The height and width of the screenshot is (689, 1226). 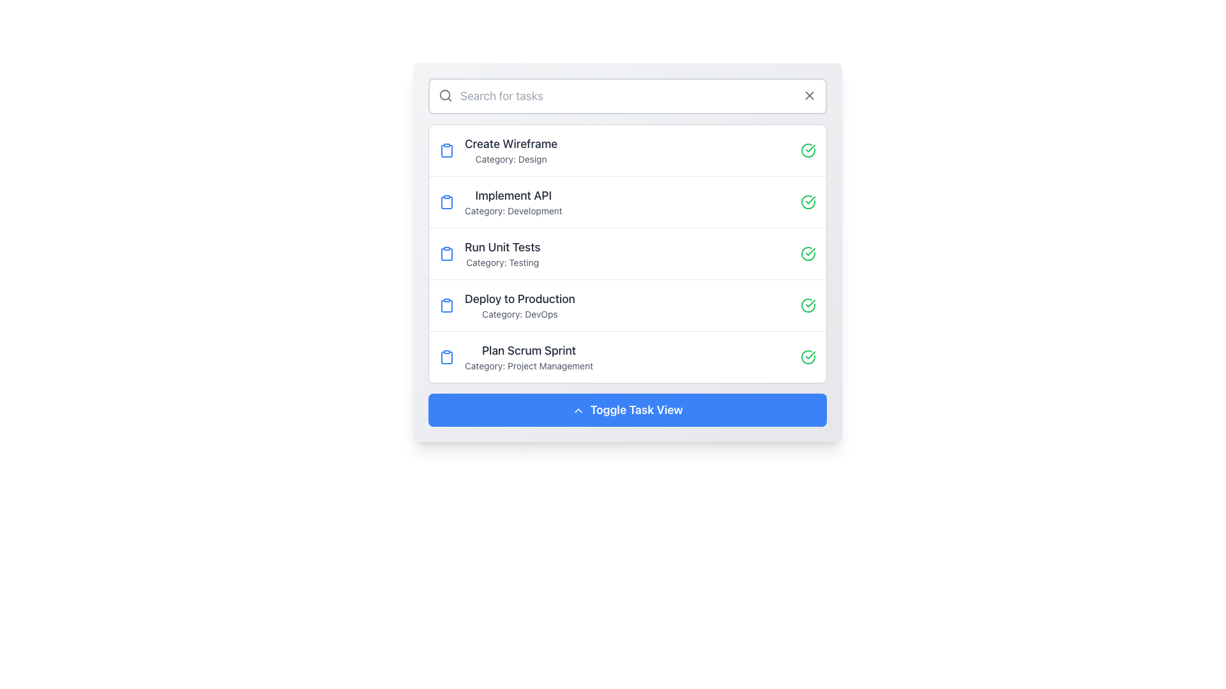 What do you see at coordinates (500, 201) in the screenshot?
I see `the Task Item Display labeled 'Implement API'` at bounding box center [500, 201].